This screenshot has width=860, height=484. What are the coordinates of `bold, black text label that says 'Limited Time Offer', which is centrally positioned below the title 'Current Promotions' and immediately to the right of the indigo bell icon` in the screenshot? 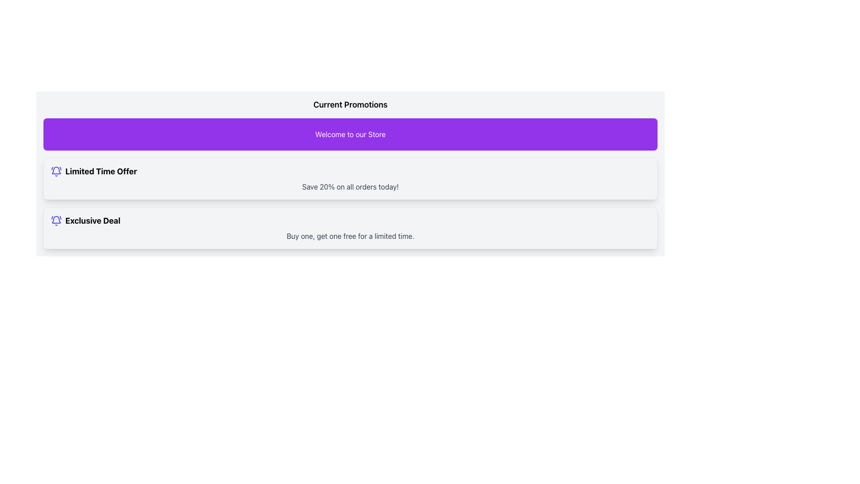 It's located at (101, 171).